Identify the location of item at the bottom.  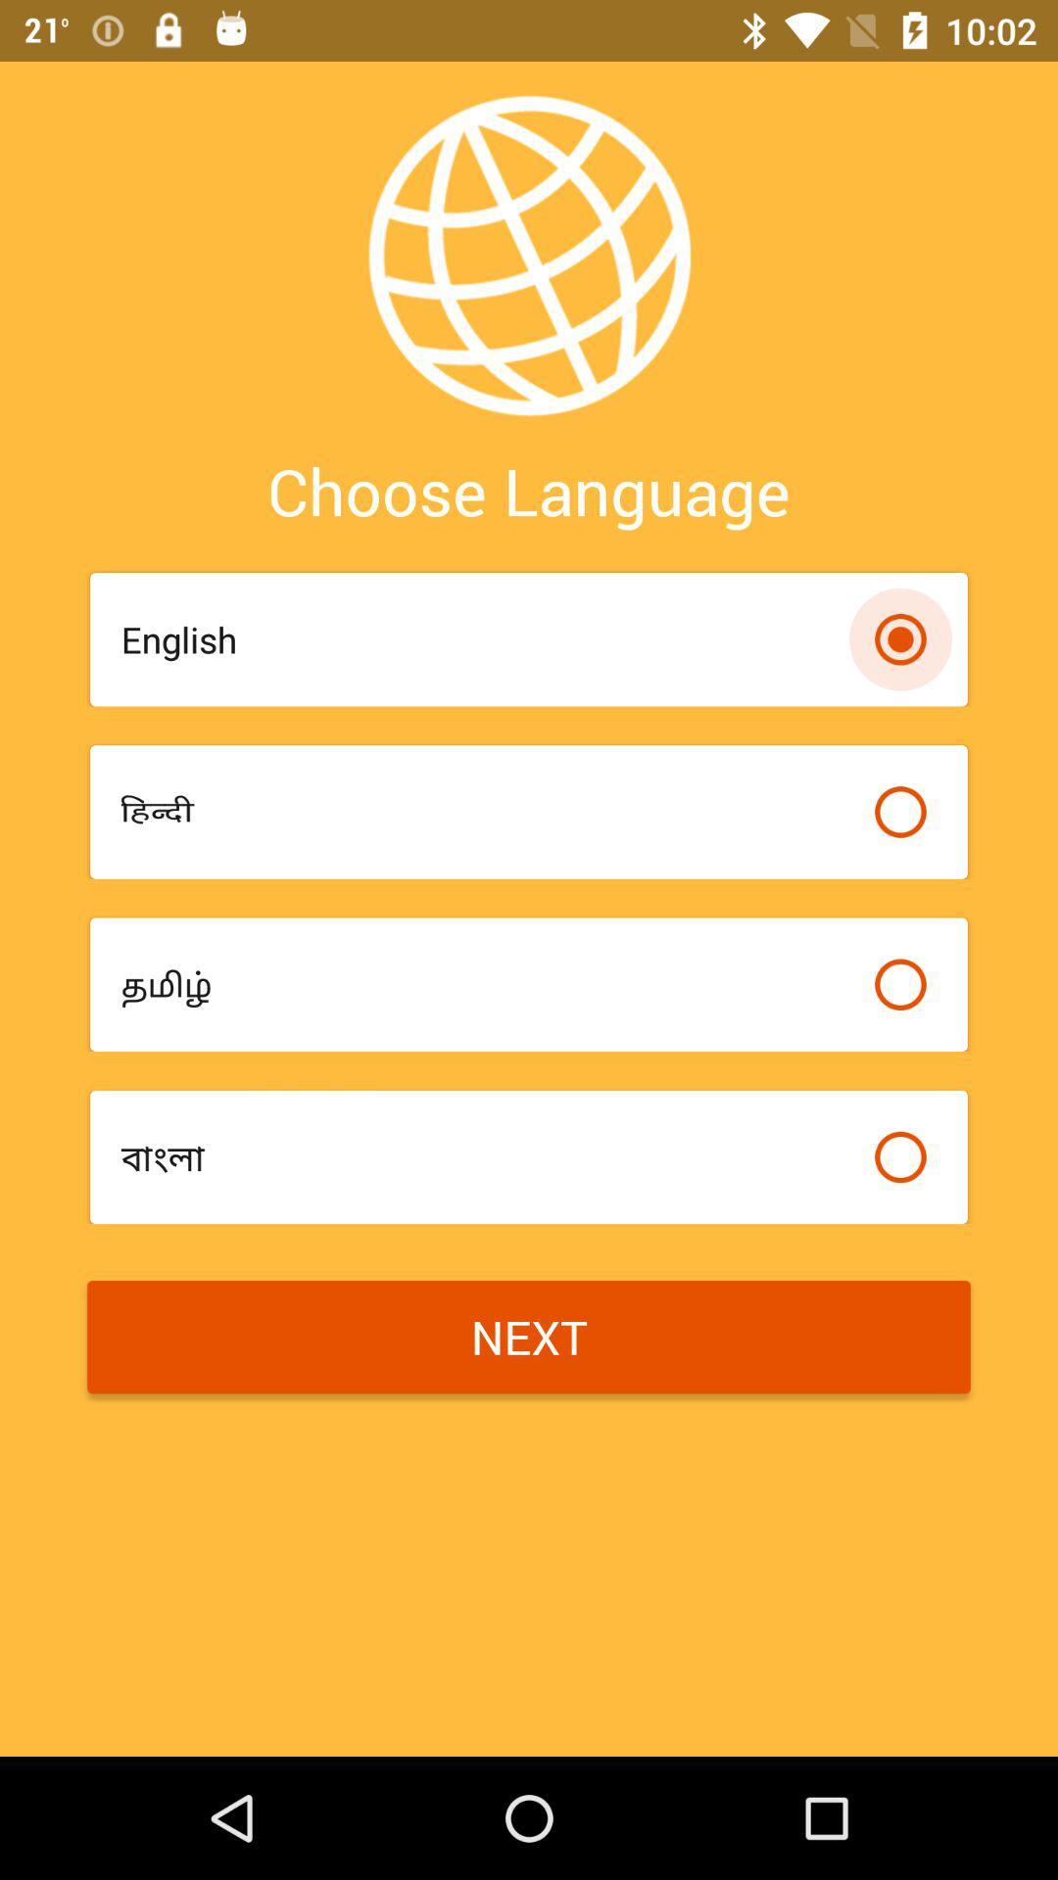
(529, 1336).